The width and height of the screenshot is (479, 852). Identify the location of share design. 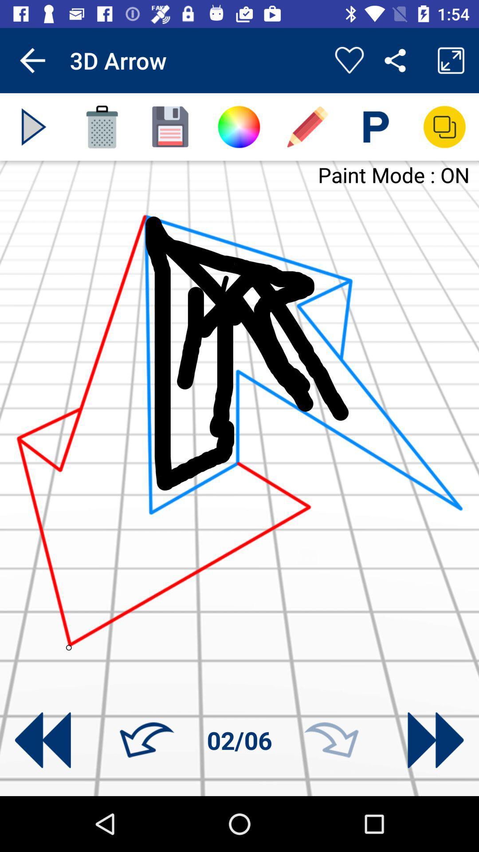
(444, 126).